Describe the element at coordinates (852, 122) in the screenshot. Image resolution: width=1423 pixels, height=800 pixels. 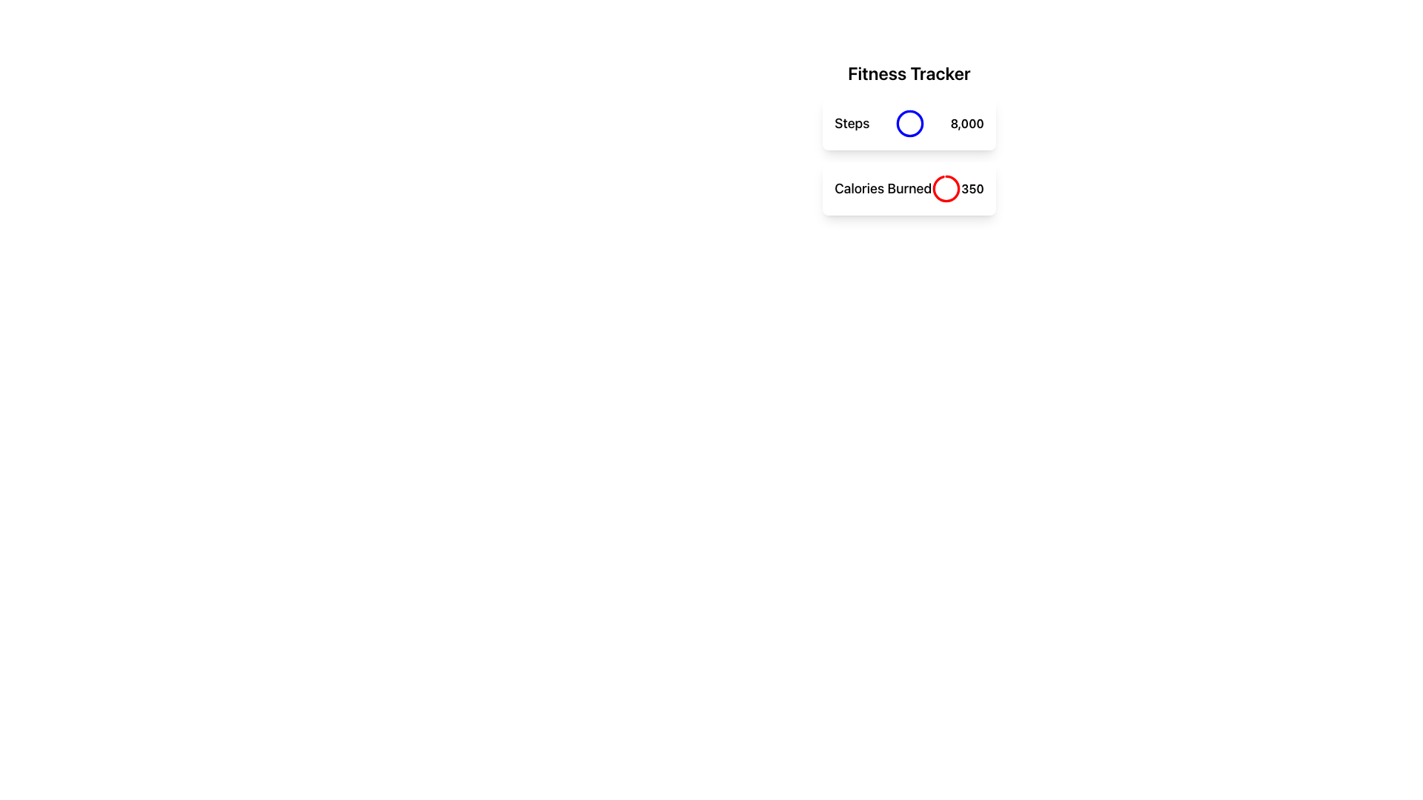
I see `the static text label that indicates the type of data displayed, specifically informing the user about 'Steps.'` at that location.